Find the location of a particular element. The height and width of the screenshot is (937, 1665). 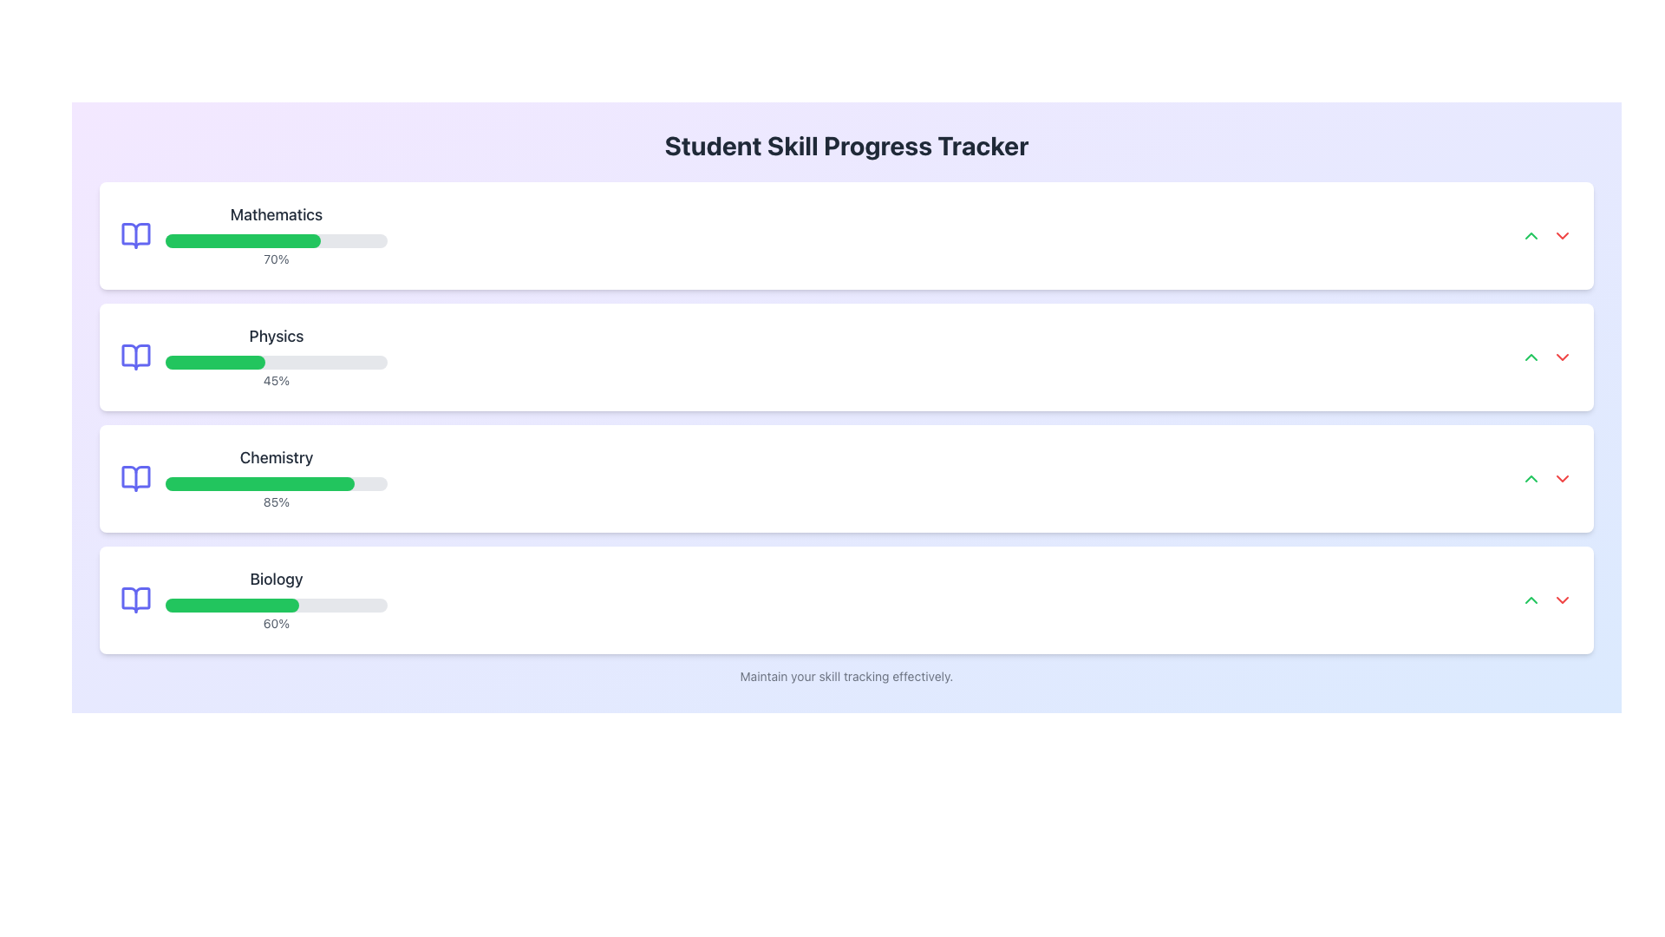

text label displaying 'Biology' in bold, dark gray font at the top of its card within the list of skill categories is located at coordinates (275, 579).